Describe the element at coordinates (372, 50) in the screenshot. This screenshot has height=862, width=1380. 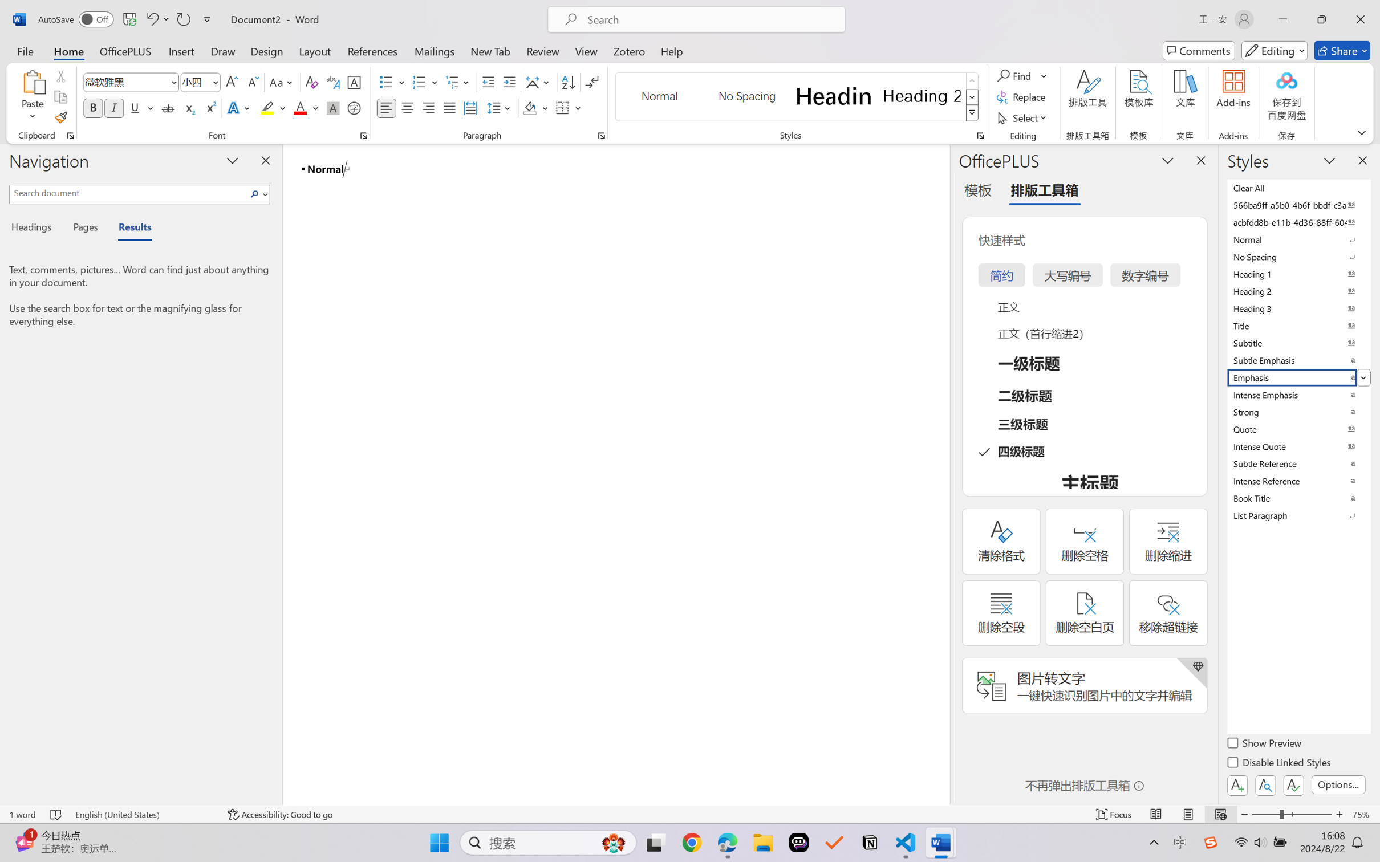
I see `'References'` at that location.